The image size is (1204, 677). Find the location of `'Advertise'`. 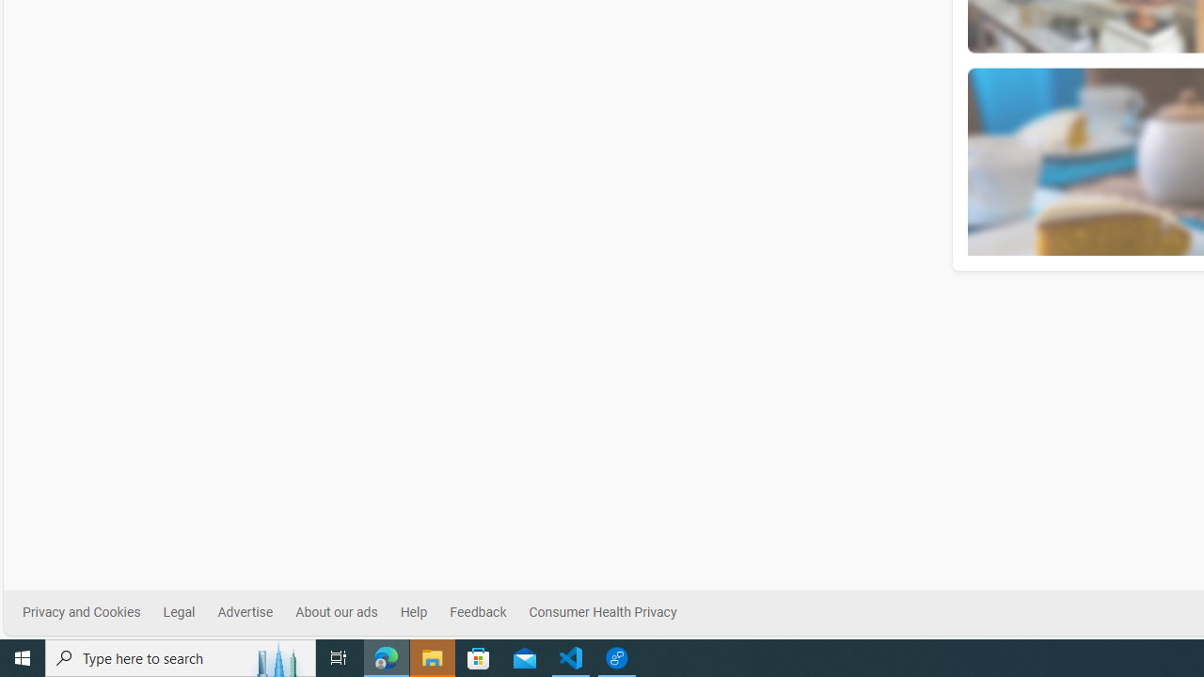

'Advertise' is located at coordinates (255, 612).